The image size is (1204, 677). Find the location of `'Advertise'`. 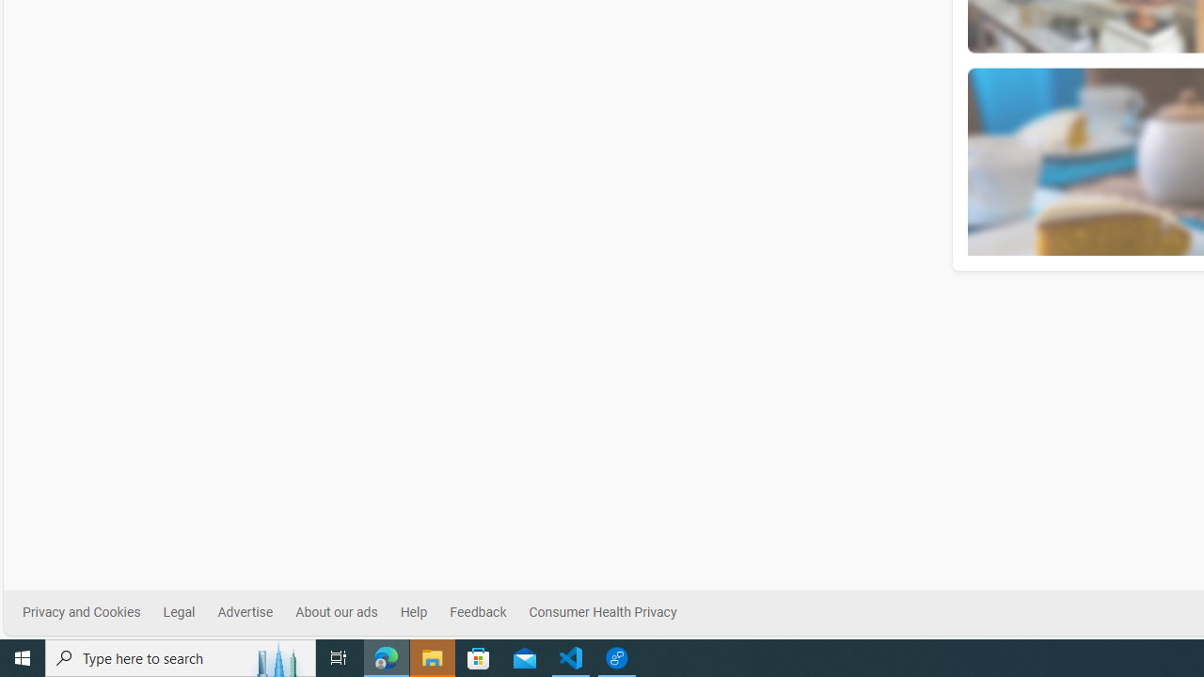

'Advertise' is located at coordinates (255, 612).